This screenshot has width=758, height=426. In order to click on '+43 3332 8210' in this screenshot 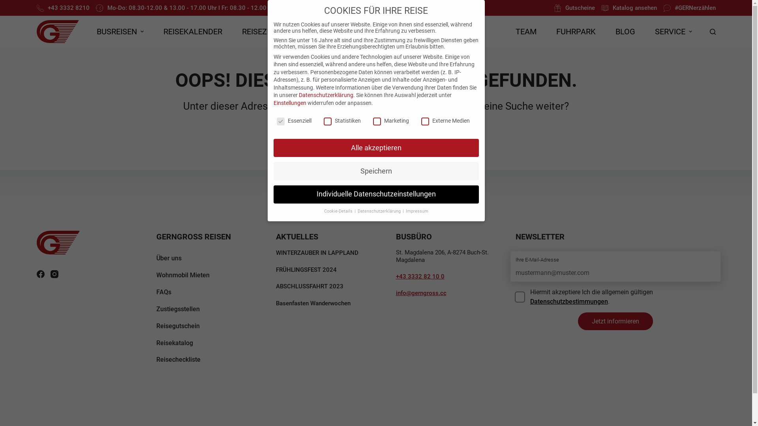, I will do `click(62, 7)`.